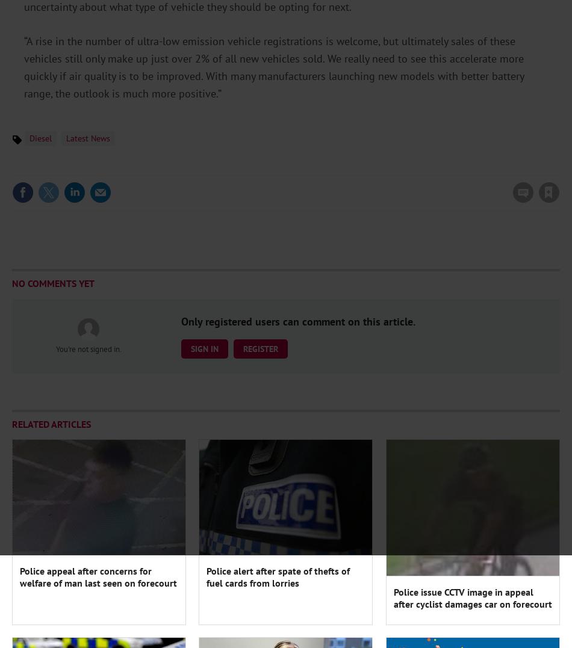 This screenshot has width=572, height=648. What do you see at coordinates (139, 508) in the screenshot?
I see `'How EV charging can help future-proof your forecourt'` at bounding box center [139, 508].